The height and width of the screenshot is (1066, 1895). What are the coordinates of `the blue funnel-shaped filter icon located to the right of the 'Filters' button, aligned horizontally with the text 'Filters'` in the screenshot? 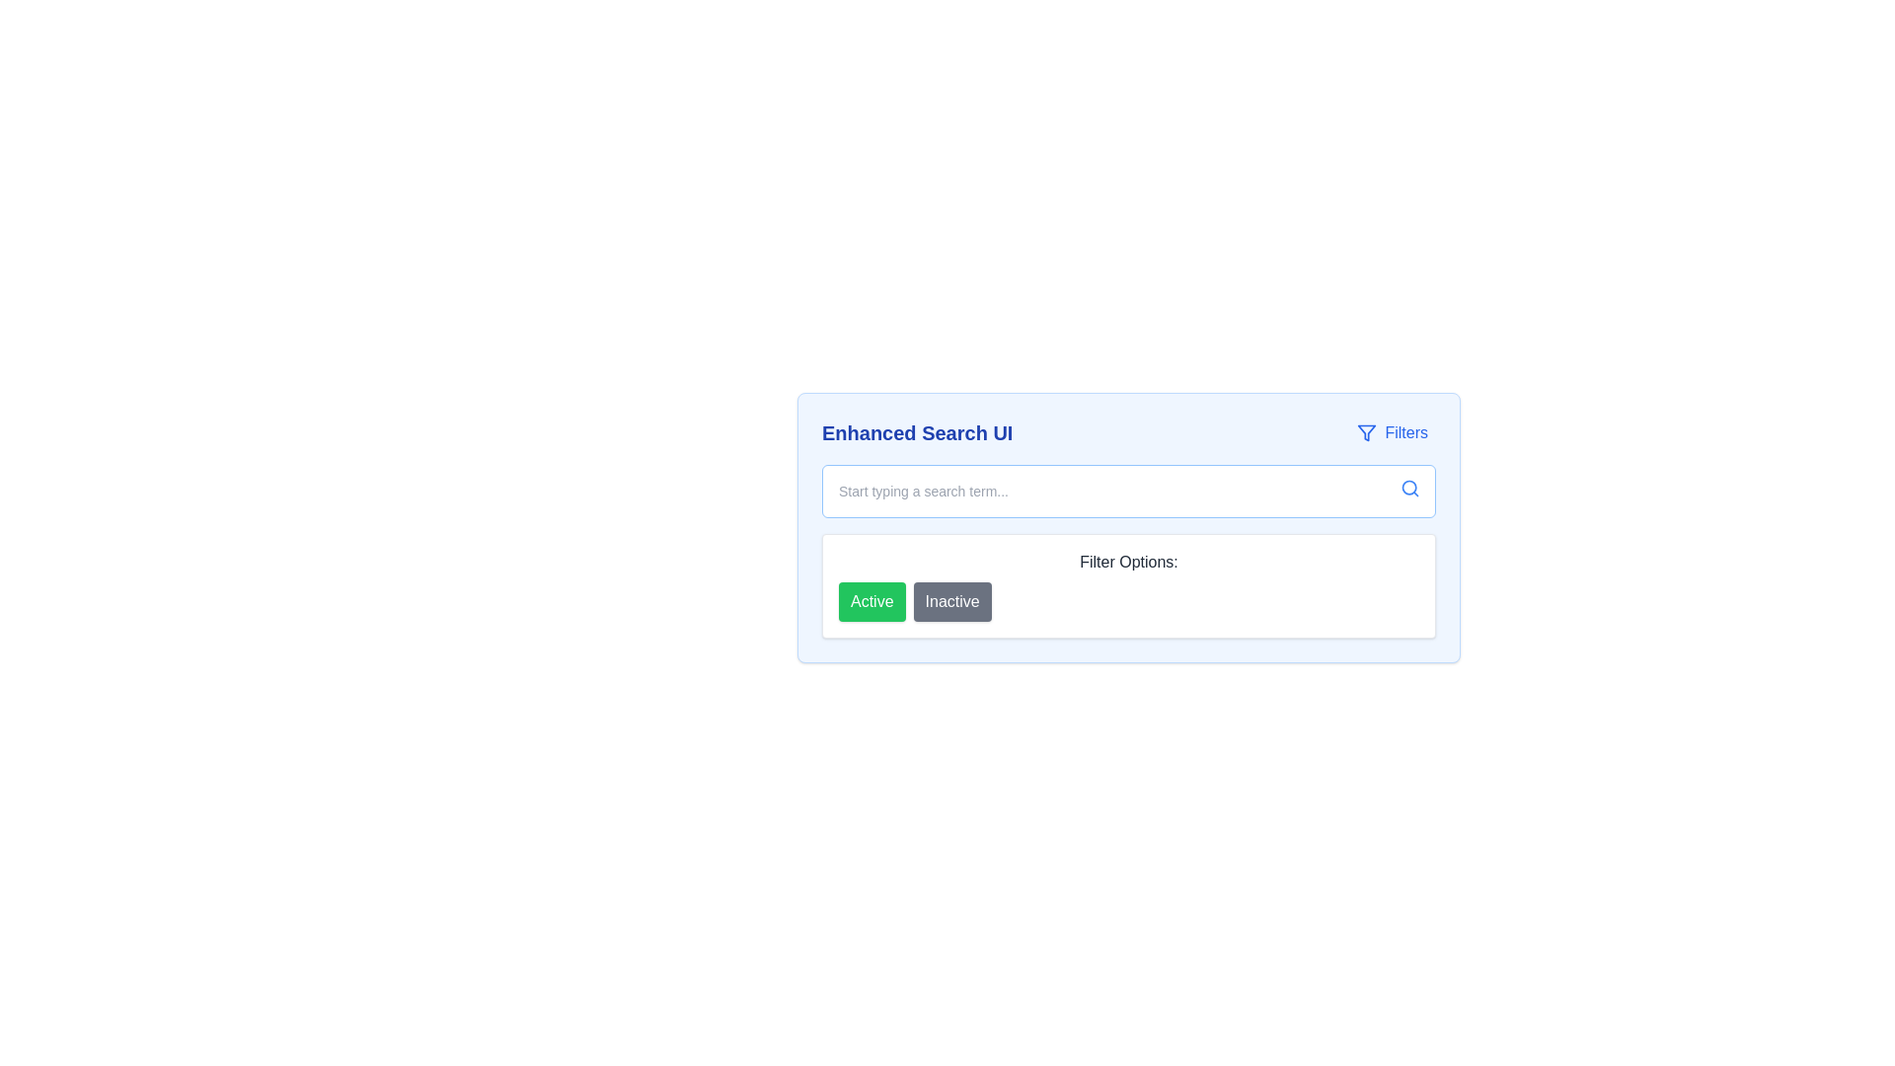 It's located at (1366, 432).